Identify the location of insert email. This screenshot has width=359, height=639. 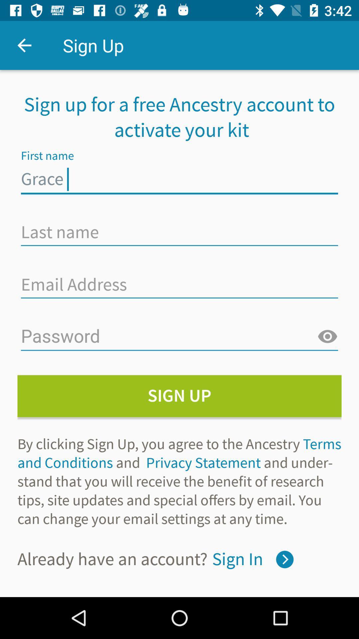
(179, 284).